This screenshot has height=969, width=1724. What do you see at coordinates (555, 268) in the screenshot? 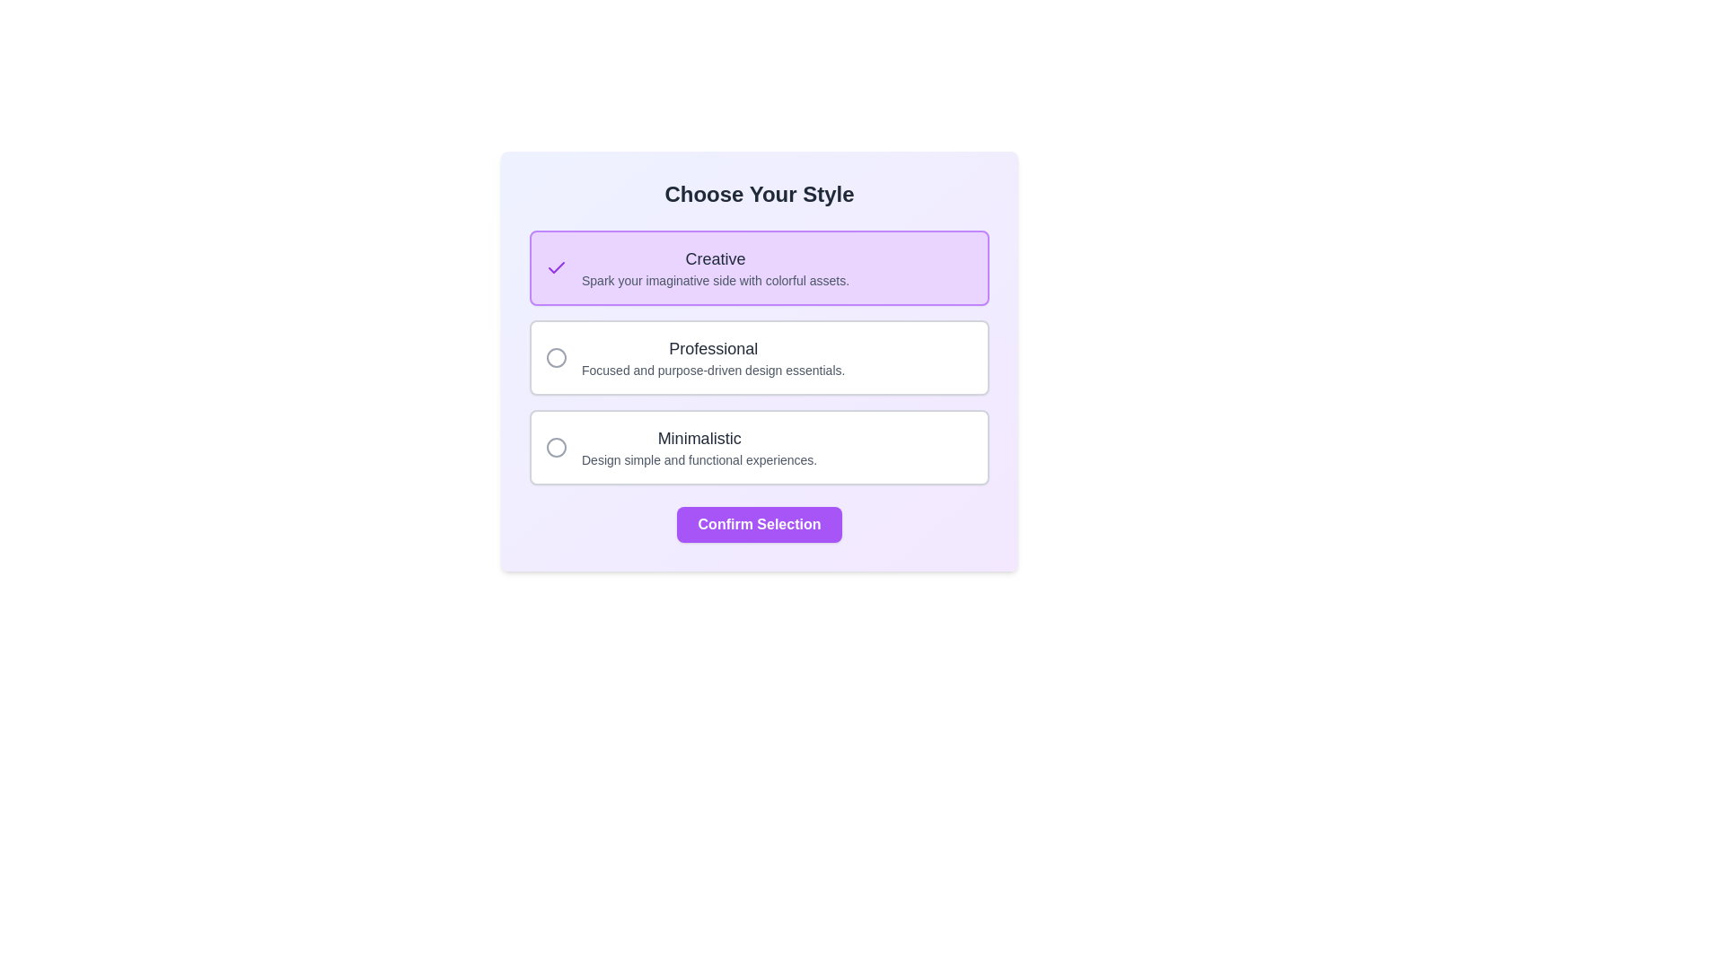
I see `the visual indicator for the 'Creative' option in the selection list located at the top-left corner next to its descriptive text` at bounding box center [555, 268].